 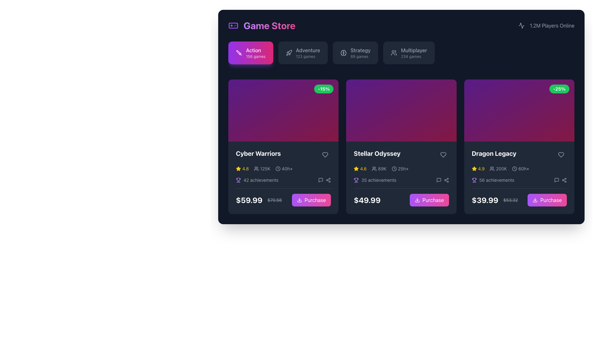 I want to click on the static text label displaying the title 'Dragon Legacy', which is a bold piece of text in large white letters on a dark background, located in the bottom-right corner of the content card, so click(x=494, y=153).